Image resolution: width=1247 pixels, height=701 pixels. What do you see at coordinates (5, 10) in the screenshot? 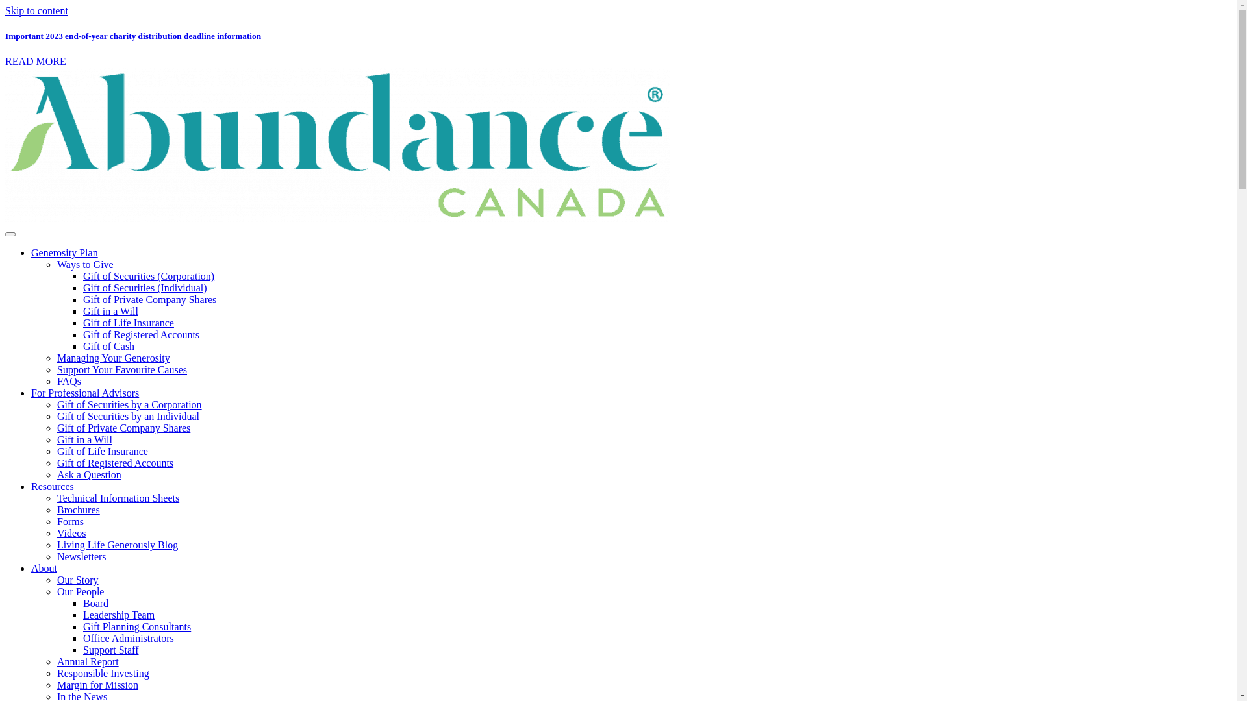
I see `'Skip to content'` at bounding box center [5, 10].